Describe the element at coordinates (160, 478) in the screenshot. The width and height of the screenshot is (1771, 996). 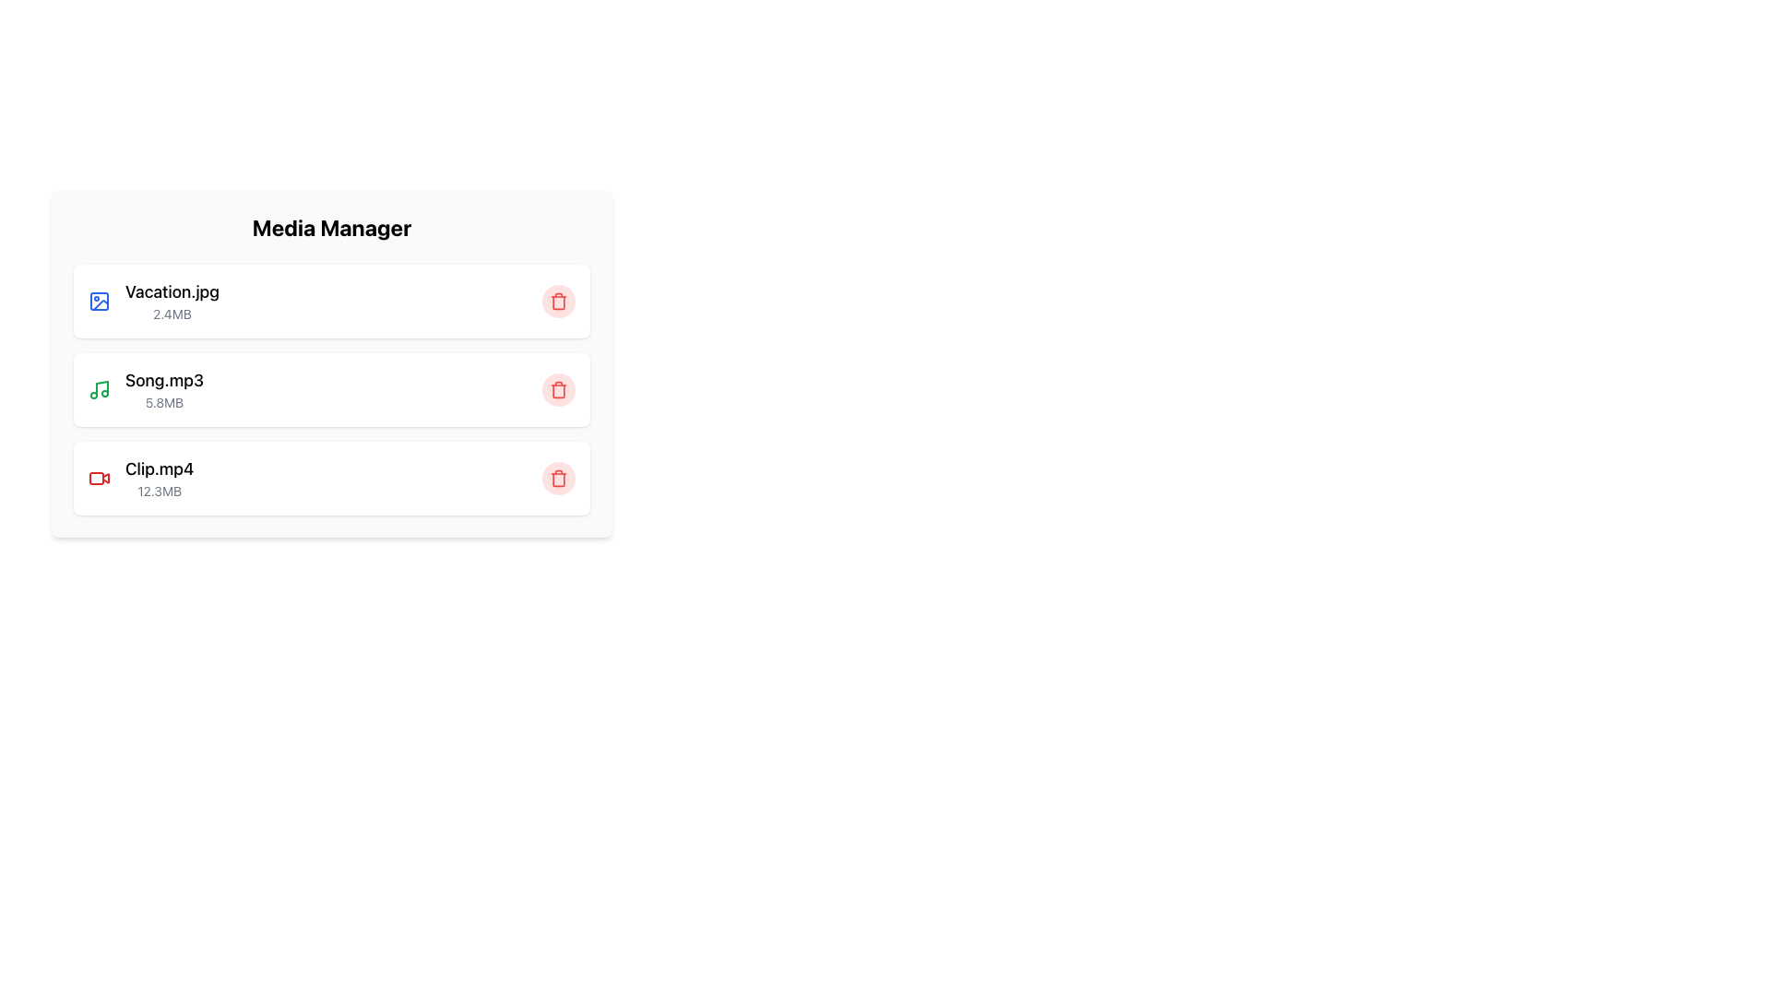
I see `the third text label` at that location.